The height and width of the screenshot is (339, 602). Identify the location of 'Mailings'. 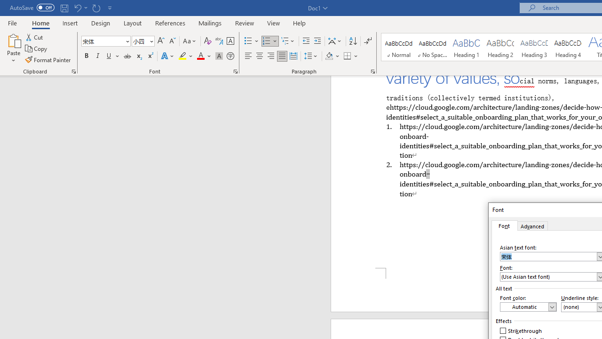
(210, 23).